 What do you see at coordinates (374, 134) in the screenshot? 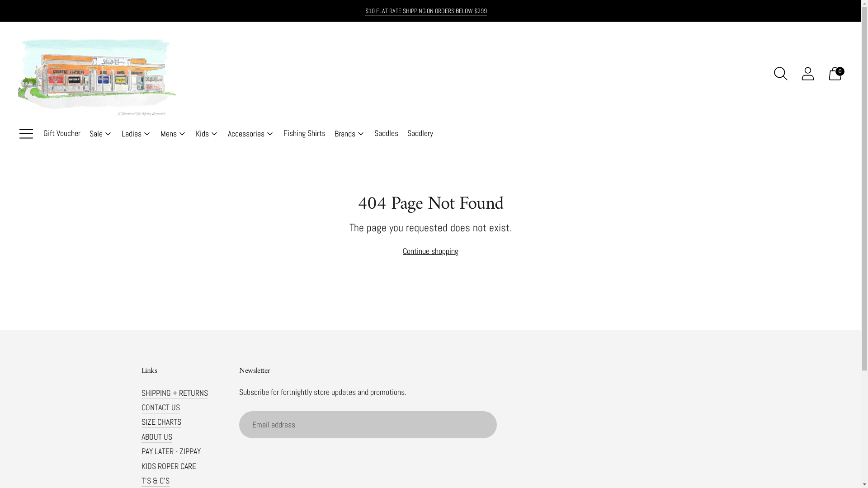
I see `'Saddles'` at bounding box center [374, 134].